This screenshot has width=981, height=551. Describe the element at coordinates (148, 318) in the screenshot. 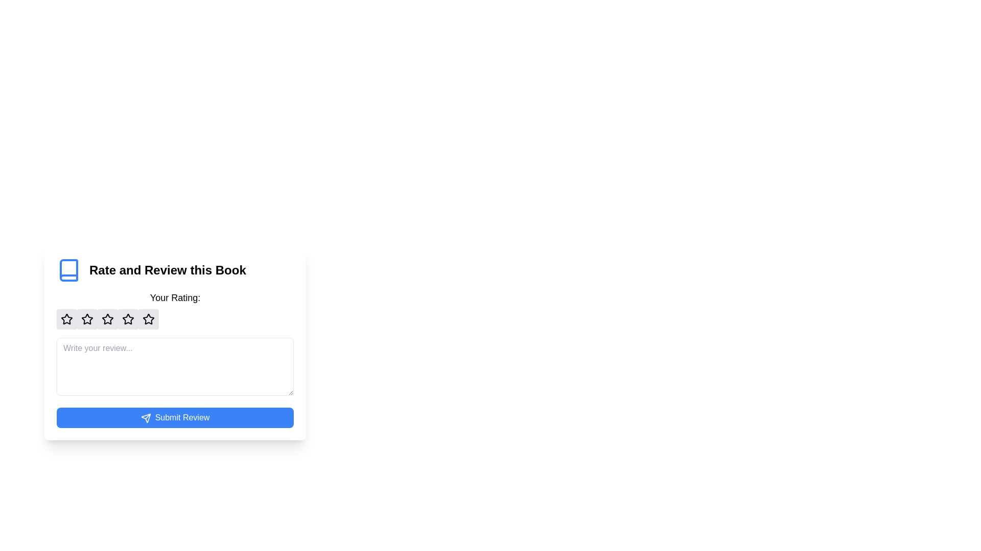

I see `the fifth star in the horizontal row of star-shaped rating icons to rate it, located below the text 'Your Rating:' in the 'Rate and Review this Book' section` at that location.